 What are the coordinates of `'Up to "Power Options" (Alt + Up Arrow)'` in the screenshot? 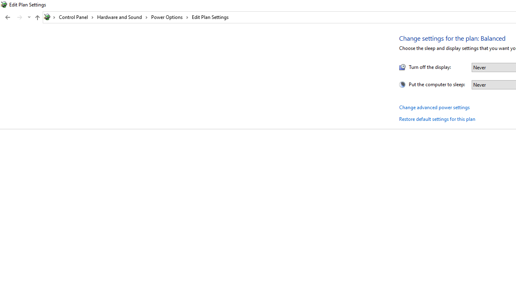 It's located at (37, 17).